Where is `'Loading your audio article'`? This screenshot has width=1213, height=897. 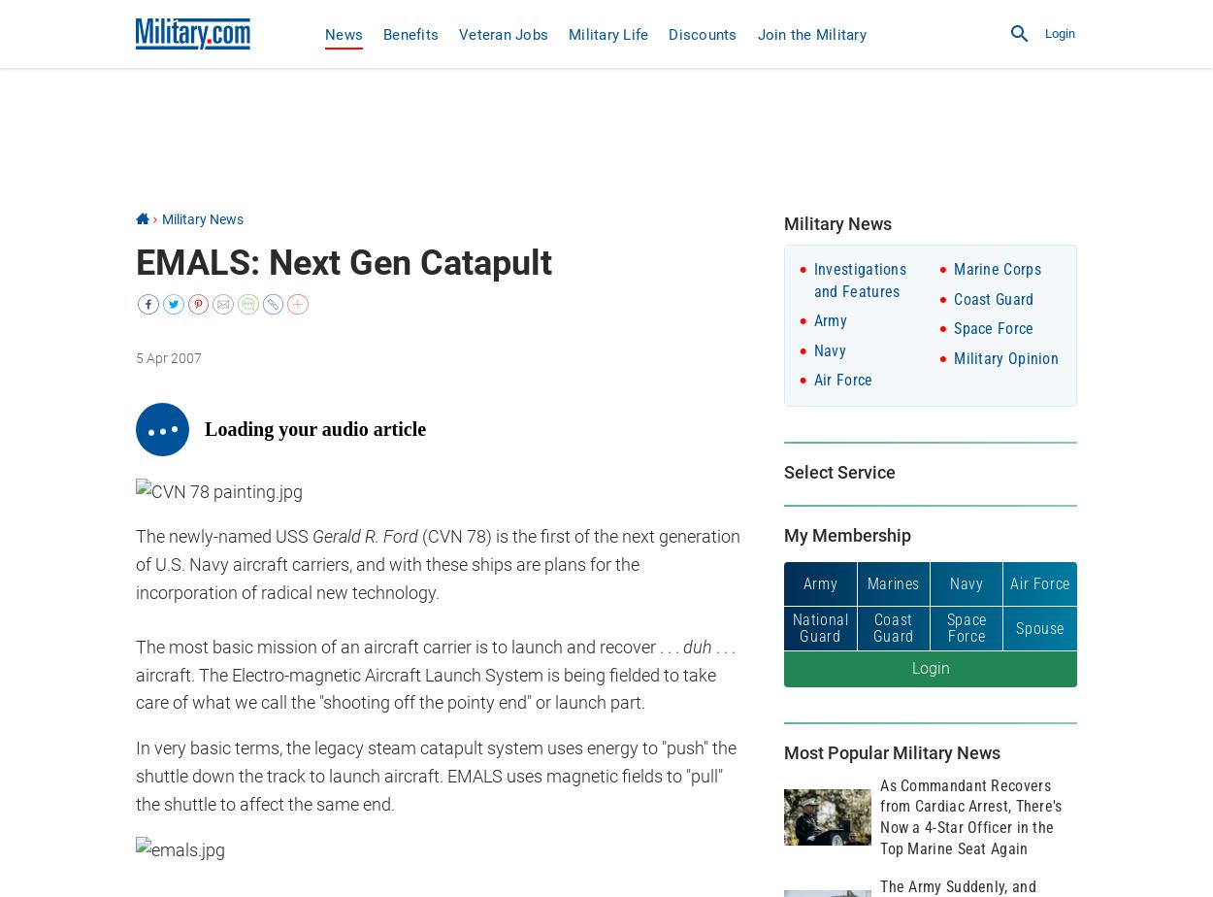
'Loading your audio article' is located at coordinates (314, 429).